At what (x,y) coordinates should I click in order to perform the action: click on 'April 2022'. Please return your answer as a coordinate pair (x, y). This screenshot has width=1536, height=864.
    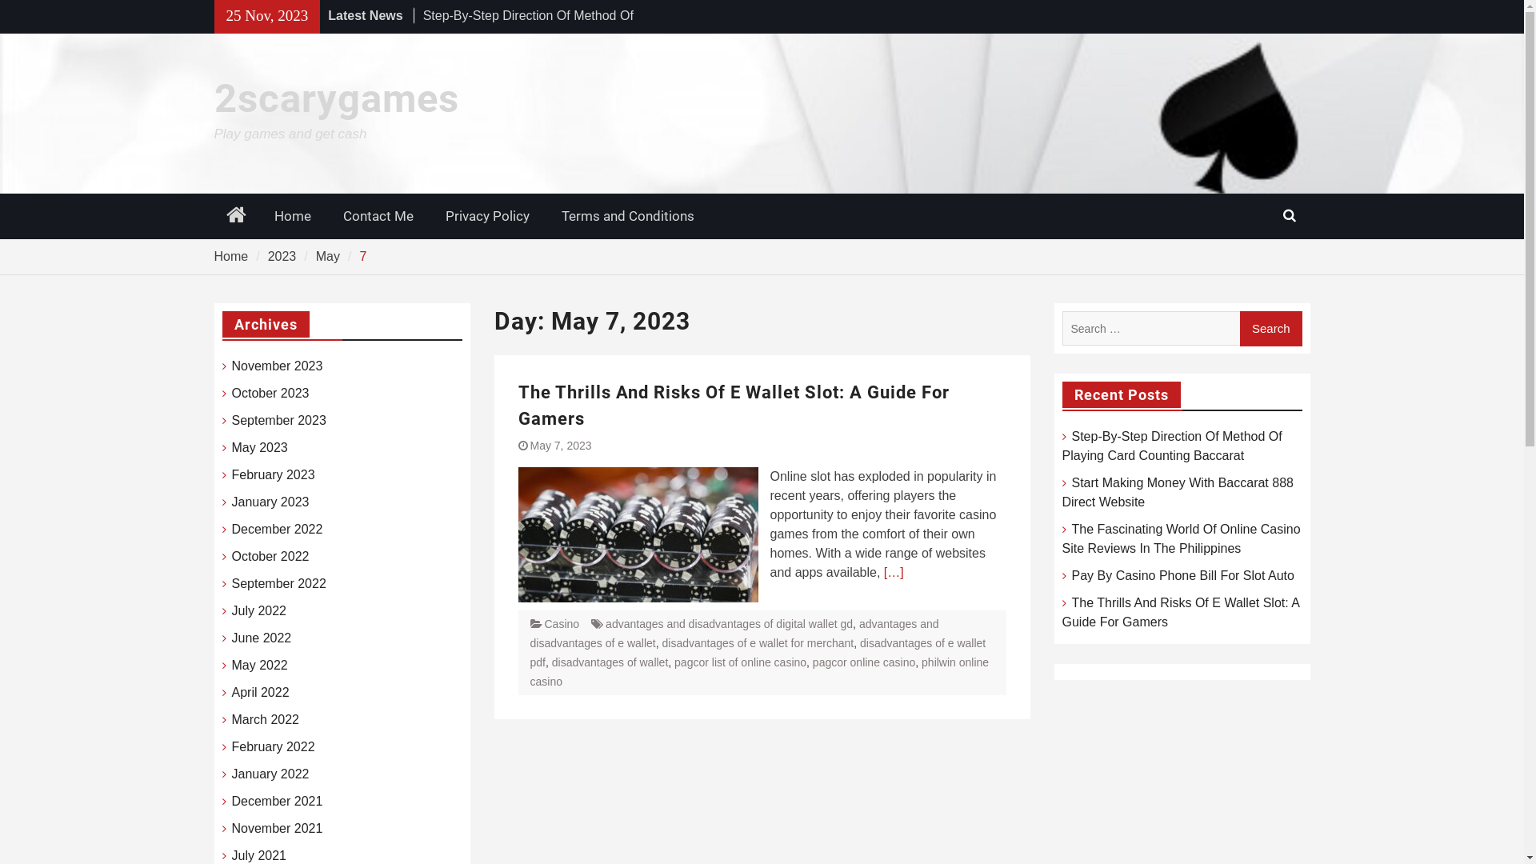
    Looking at the image, I should click on (230, 692).